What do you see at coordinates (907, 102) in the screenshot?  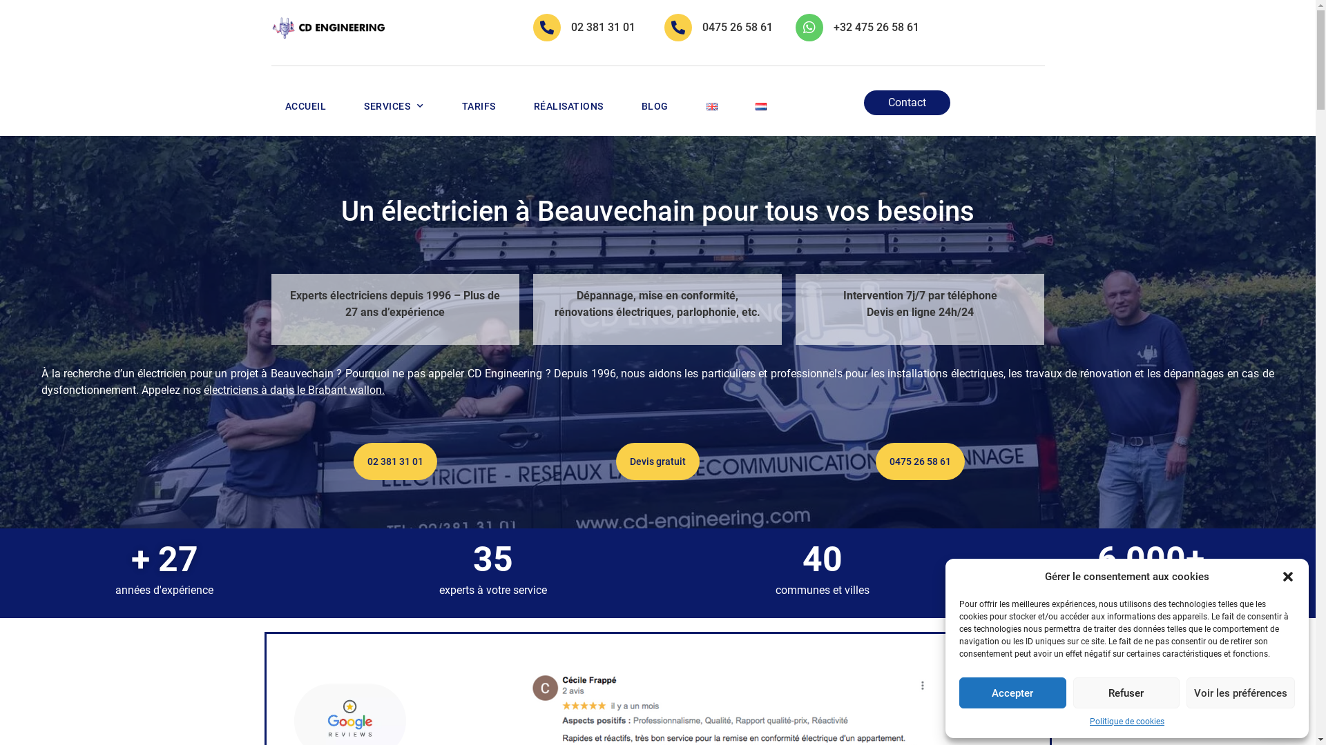 I see `'Contact'` at bounding box center [907, 102].